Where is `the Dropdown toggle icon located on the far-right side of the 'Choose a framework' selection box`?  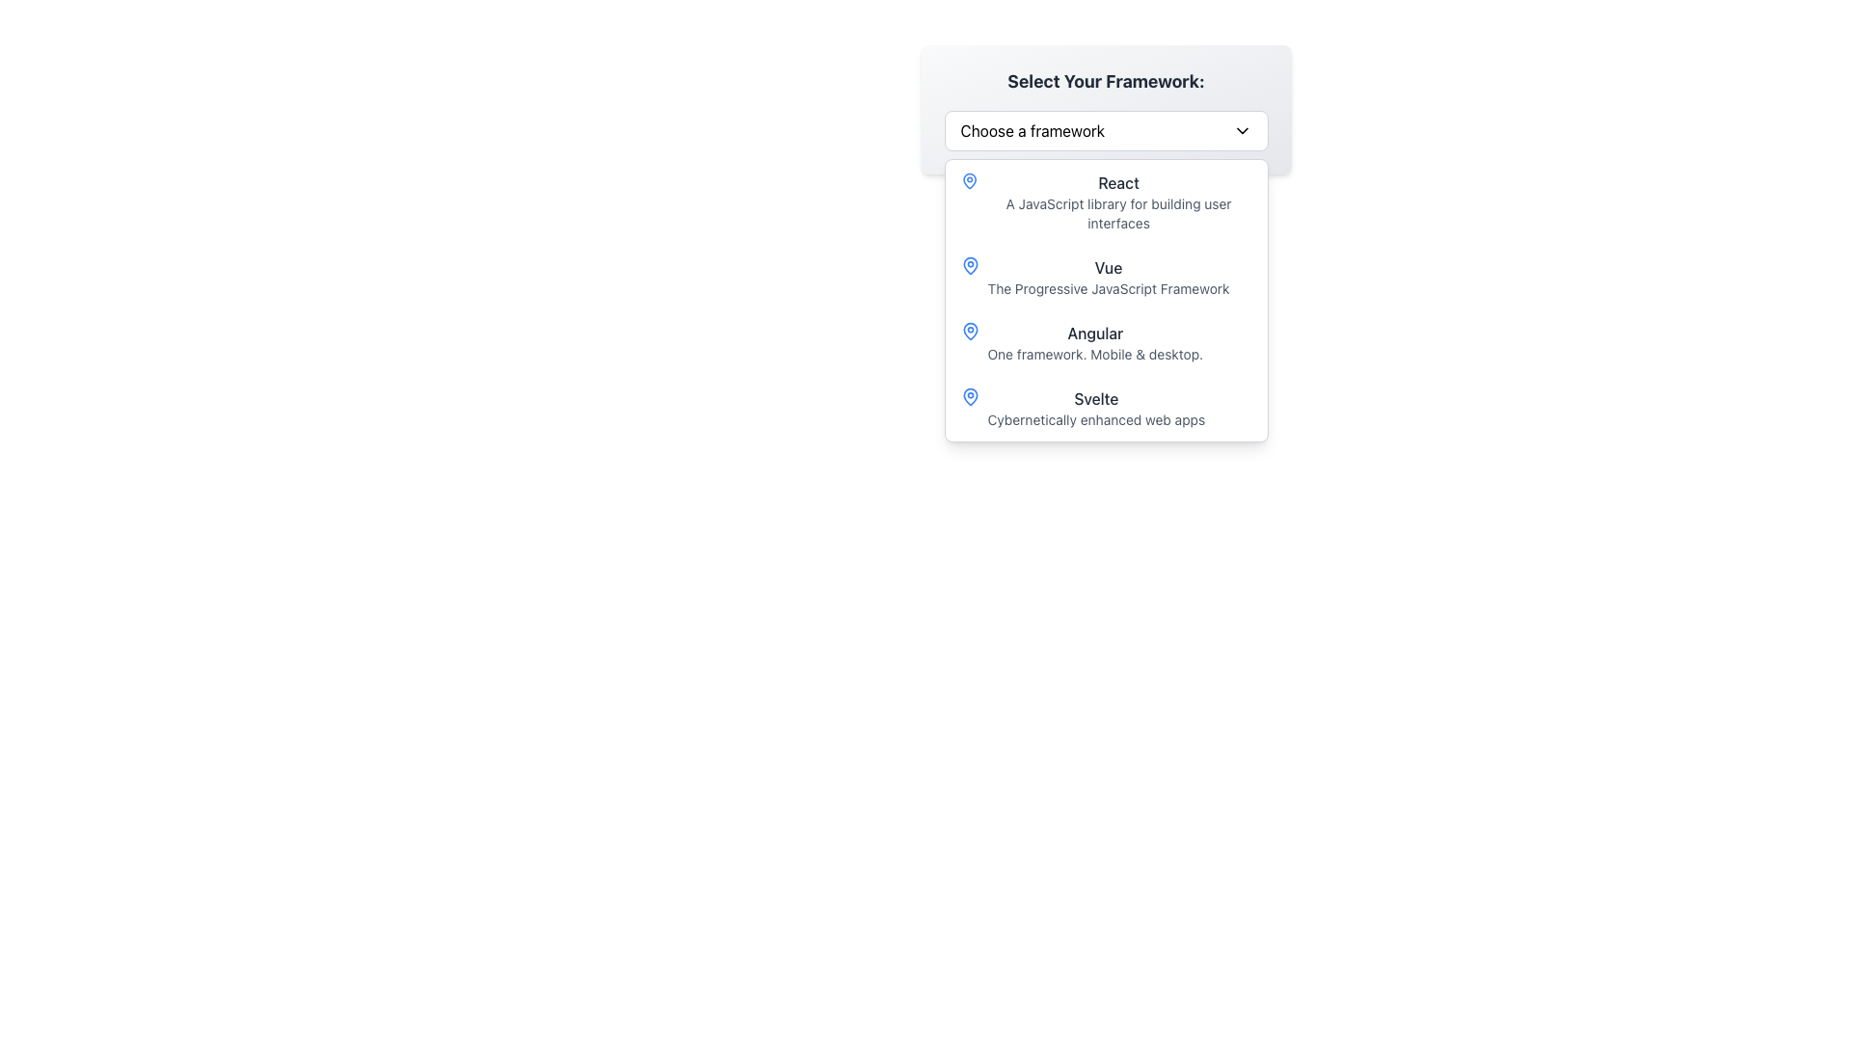
the Dropdown toggle icon located on the far-right side of the 'Choose a framework' selection box is located at coordinates (1242, 130).